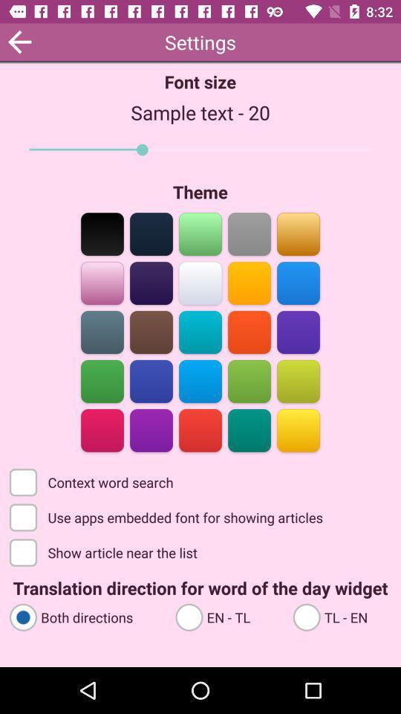 This screenshot has height=714, width=401. What do you see at coordinates (151, 331) in the screenshot?
I see `switch brown color` at bounding box center [151, 331].